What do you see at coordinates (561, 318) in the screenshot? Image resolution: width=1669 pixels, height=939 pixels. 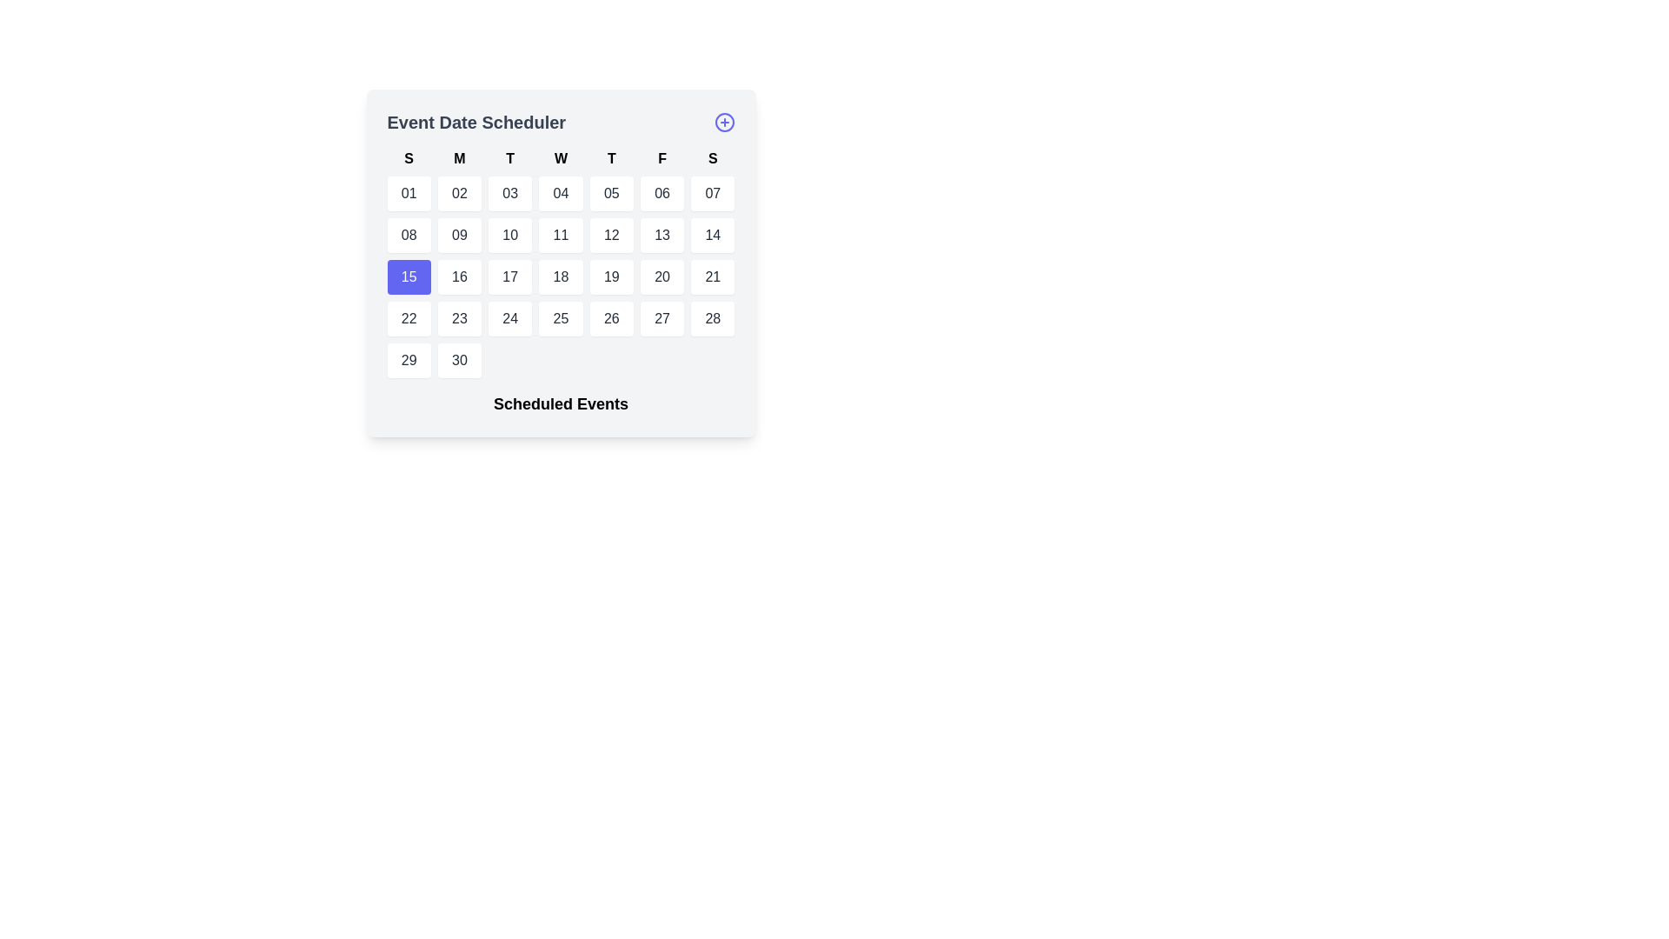 I see `the calendar day button representing the 25th day of the month` at bounding box center [561, 318].